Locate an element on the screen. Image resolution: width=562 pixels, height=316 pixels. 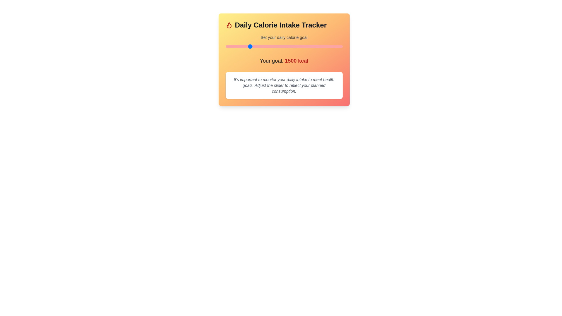
the calorie goal slider to a value of 1850 is located at coordinates (265, 46).